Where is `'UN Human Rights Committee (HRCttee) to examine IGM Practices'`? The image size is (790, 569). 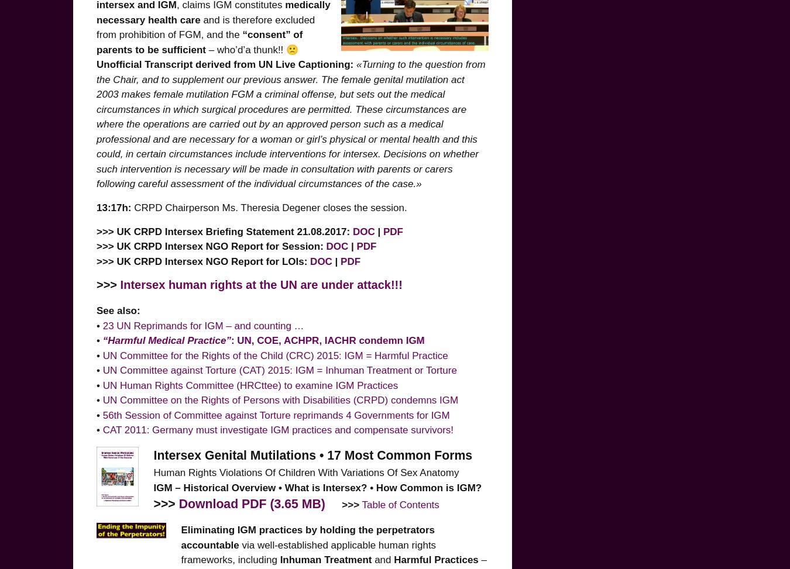
'UN Human Rights Committee (HRCttee) to examine IGM Practices' is located at coordinates (250, 384).